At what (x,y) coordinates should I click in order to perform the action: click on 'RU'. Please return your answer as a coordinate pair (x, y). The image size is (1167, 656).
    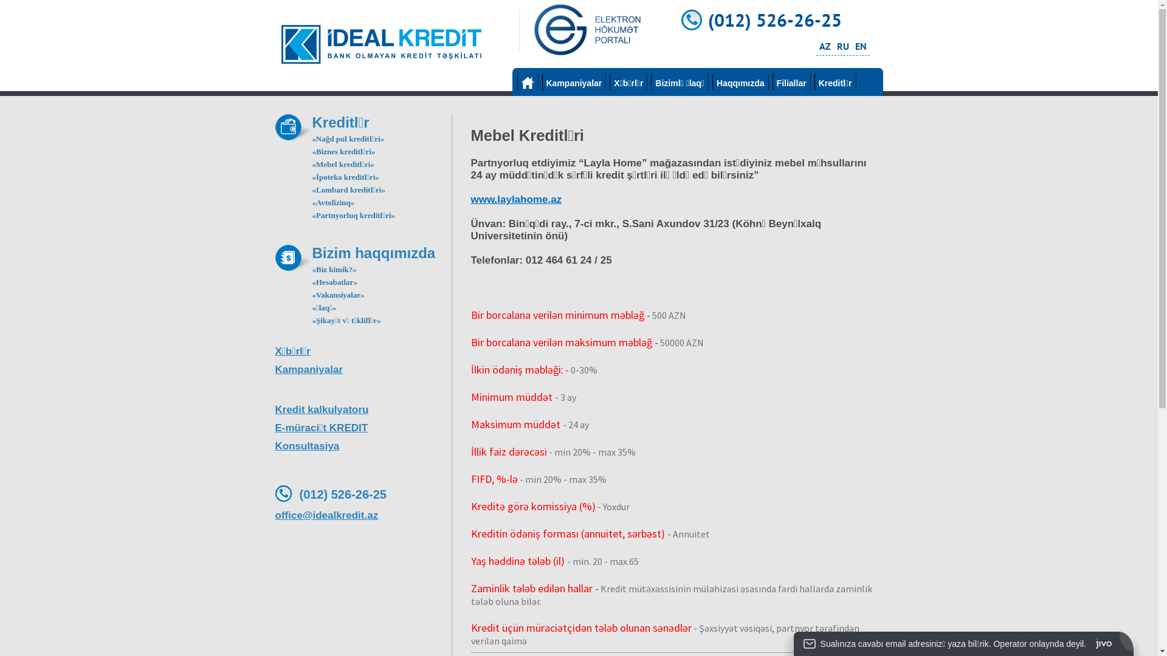
    Looking at the image, I should click on (842, 46).